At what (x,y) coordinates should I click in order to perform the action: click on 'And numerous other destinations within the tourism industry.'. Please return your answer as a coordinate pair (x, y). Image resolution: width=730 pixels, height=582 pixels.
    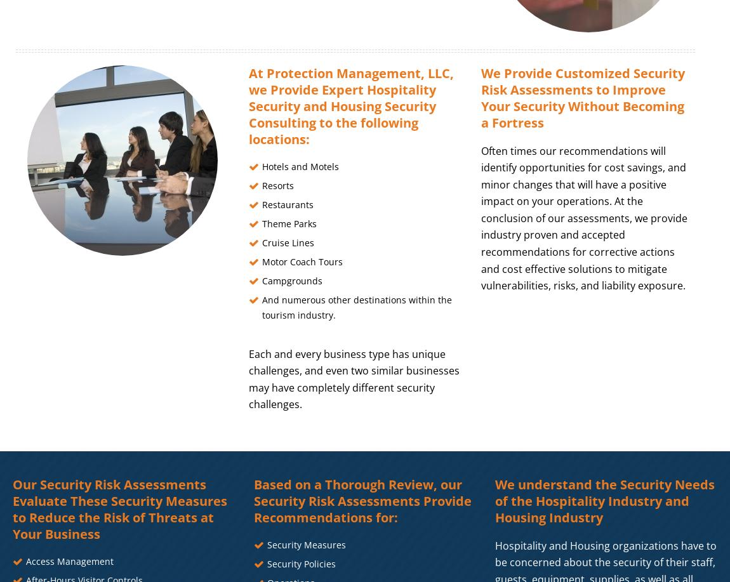
    Looking at the image, I should click on (262, 306).